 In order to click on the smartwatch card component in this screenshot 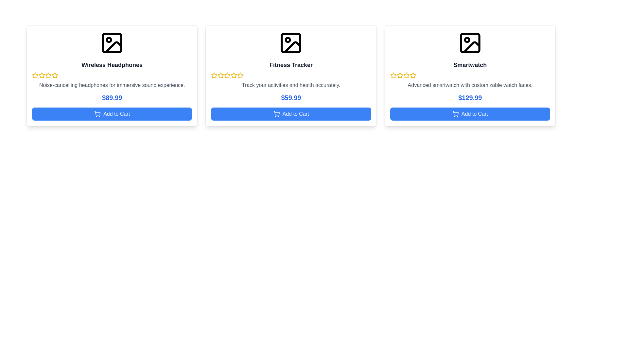, I will do `click(470, 75)`.